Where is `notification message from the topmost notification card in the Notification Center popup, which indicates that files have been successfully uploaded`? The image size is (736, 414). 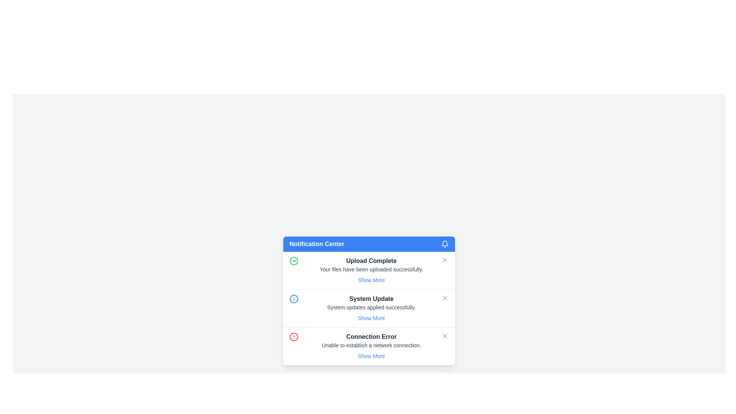 notification message from the topmost notification card in the Notification Center popup, which indicates that files have been successfully uploaded is located at coordinates (371, 270).